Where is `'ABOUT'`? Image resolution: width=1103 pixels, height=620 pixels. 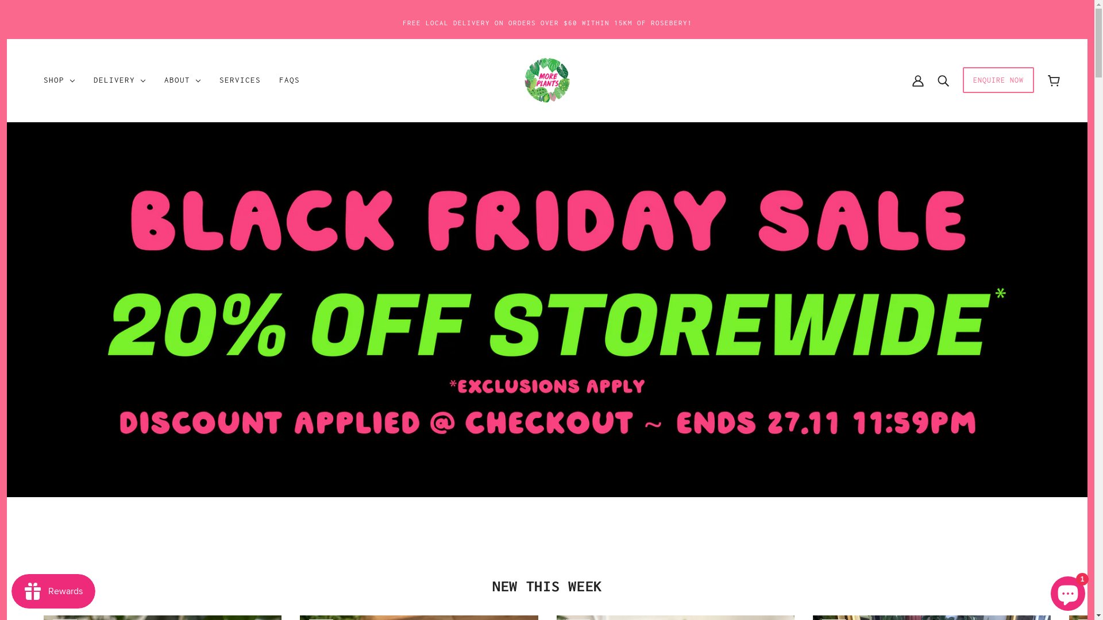
'ABOUT' is located at coordinates (182, 79).